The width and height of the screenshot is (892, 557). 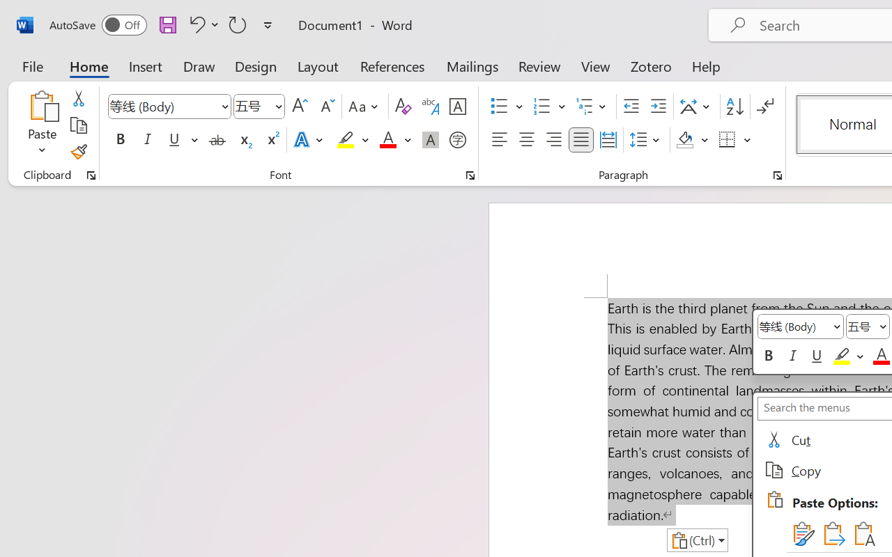 What do you see at coordinates (77, 152) in the screenshot?
I see `'Format Painter'` at bounding box center [77, 152].